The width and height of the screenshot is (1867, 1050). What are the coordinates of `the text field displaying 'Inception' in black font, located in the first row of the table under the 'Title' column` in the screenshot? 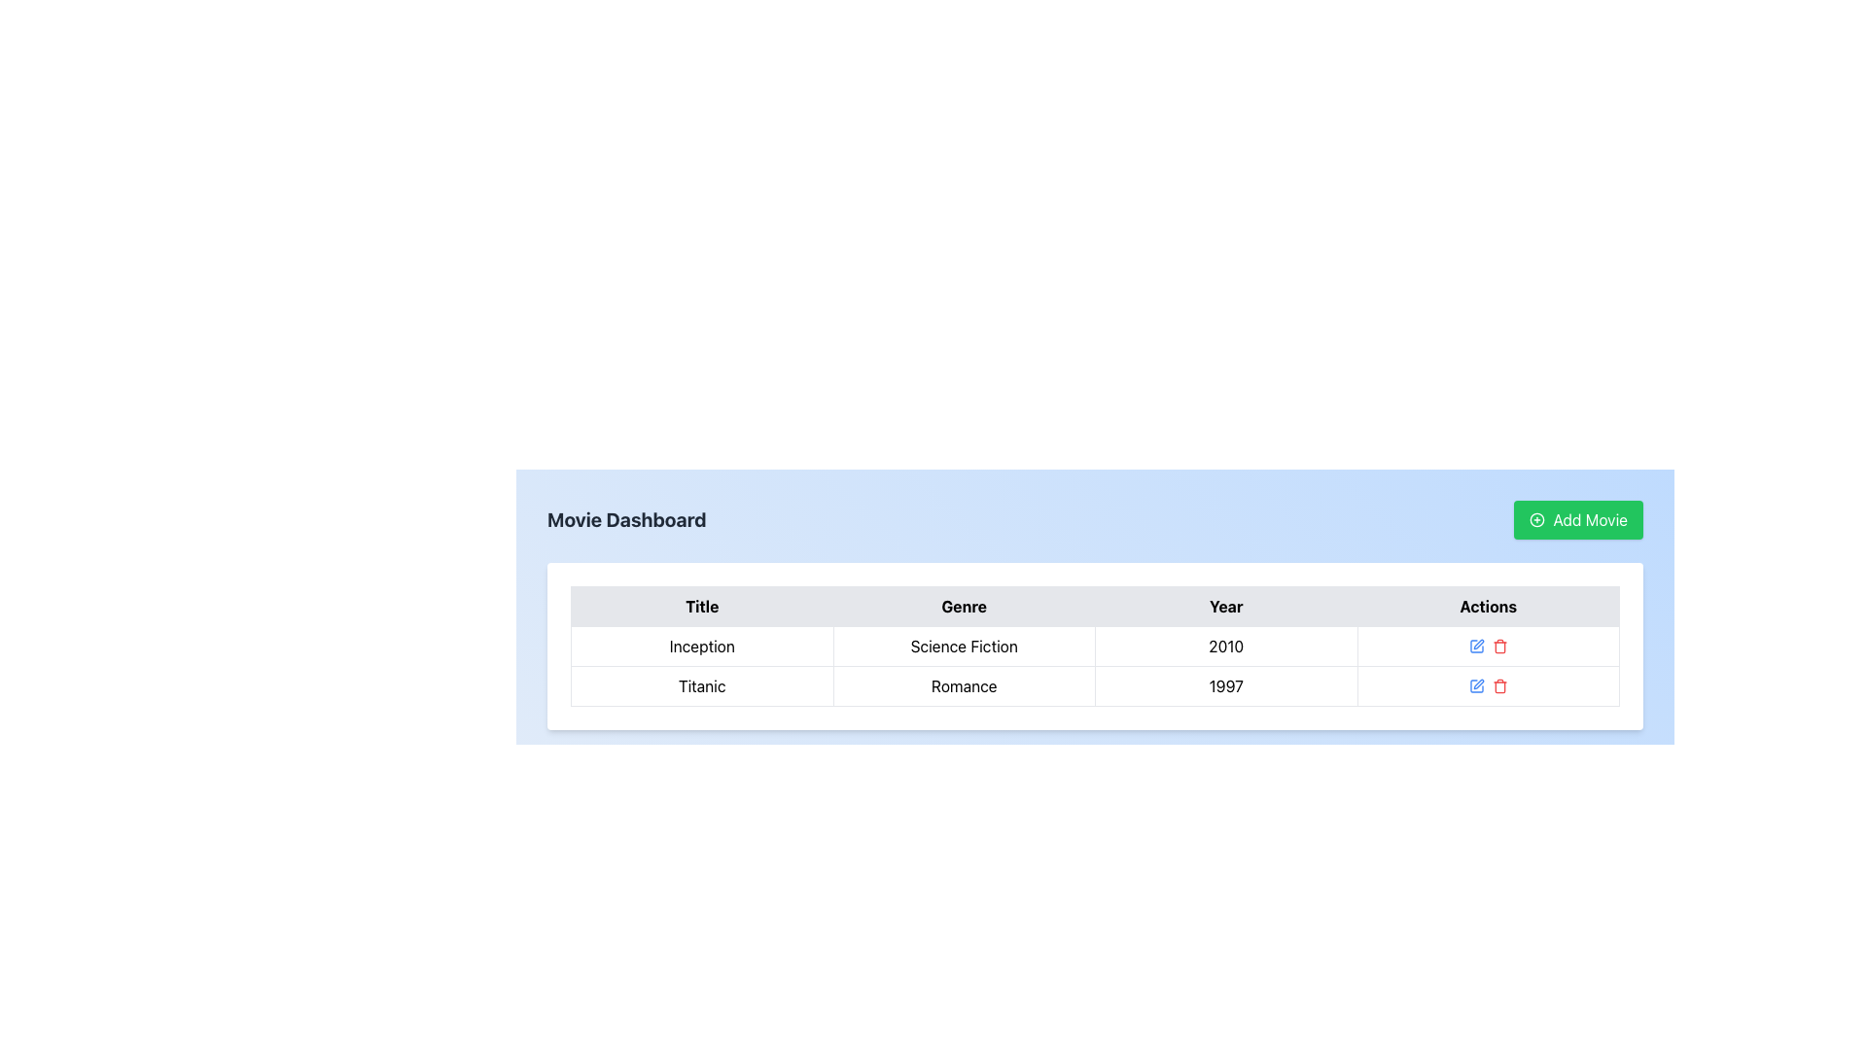 It's located at (701, 646).